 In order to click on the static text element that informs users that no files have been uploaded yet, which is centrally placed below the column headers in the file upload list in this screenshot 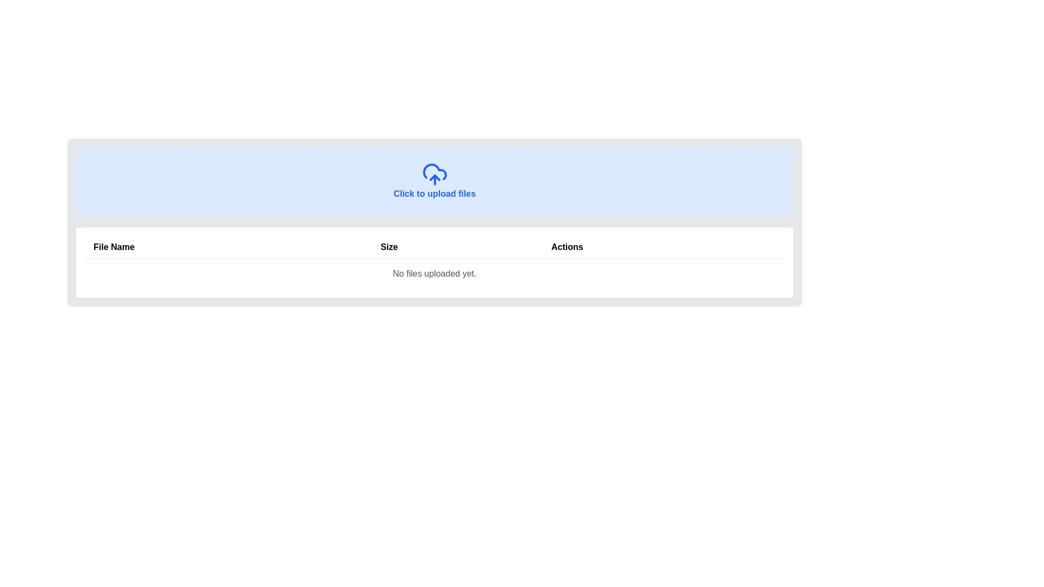, I will do `click(434, 273)`.